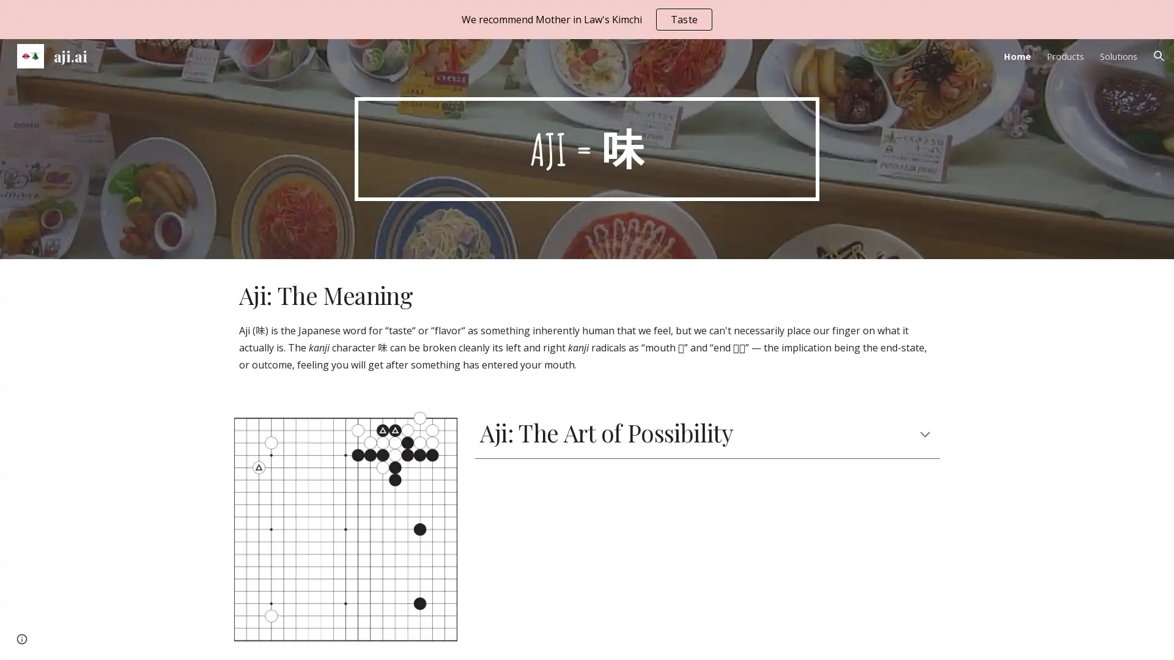 The height and width of the screenshot is (660, 1174). Describe the element at coordinates (426, 295) in the screenshot. I see `Copy heading link` at that location.